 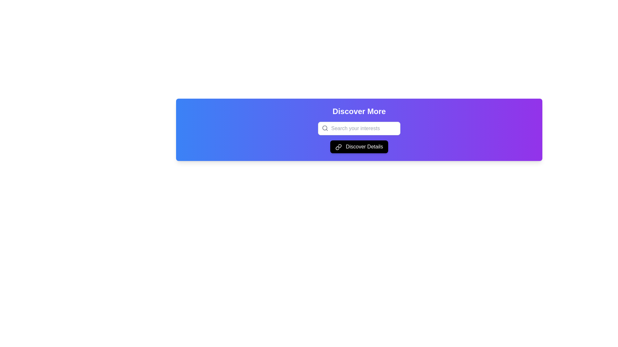 What do you see at coordinates (325, 128) in the screenshot?
I see `the search icon located inside the 'Search your interests' input box, positioned on the left side` at bounding box center [325, 128].